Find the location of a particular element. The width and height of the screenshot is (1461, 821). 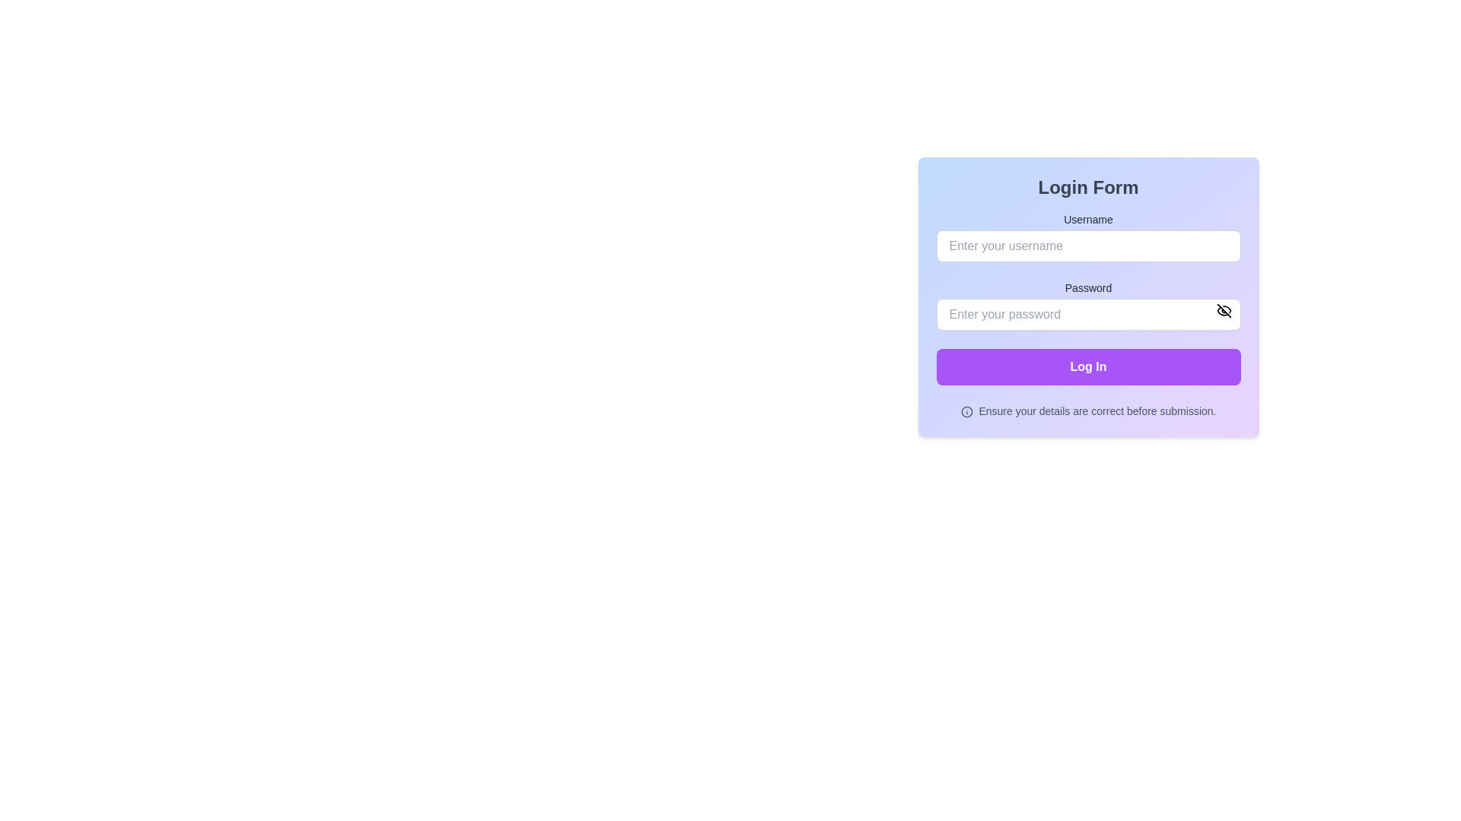

the information/help icon is located at coordinates (966, 412).